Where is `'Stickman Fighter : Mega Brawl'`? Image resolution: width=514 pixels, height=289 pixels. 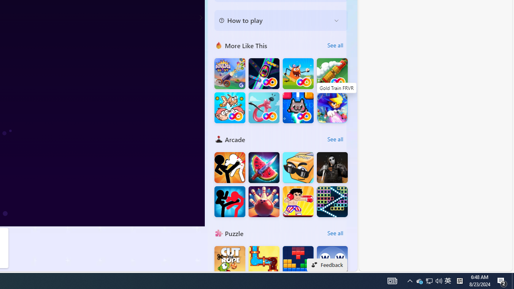
'Stickman Fighter : Mega Brawl' is located at coordinates (229, 167).